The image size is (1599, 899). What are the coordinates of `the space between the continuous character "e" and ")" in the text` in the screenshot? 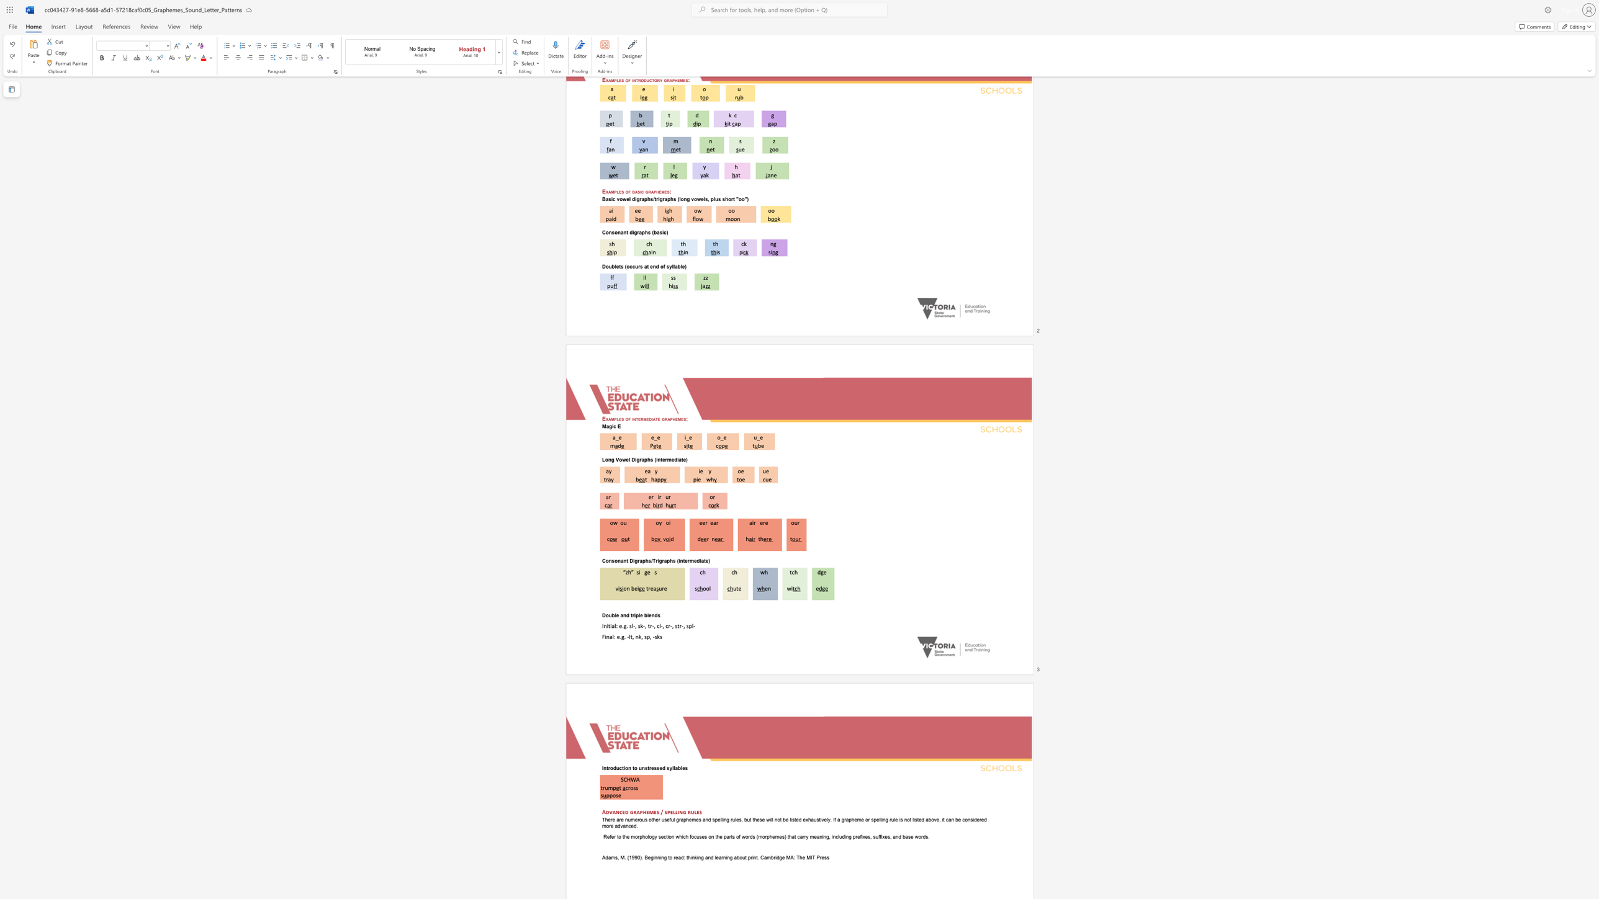 It's located at (708, 561).